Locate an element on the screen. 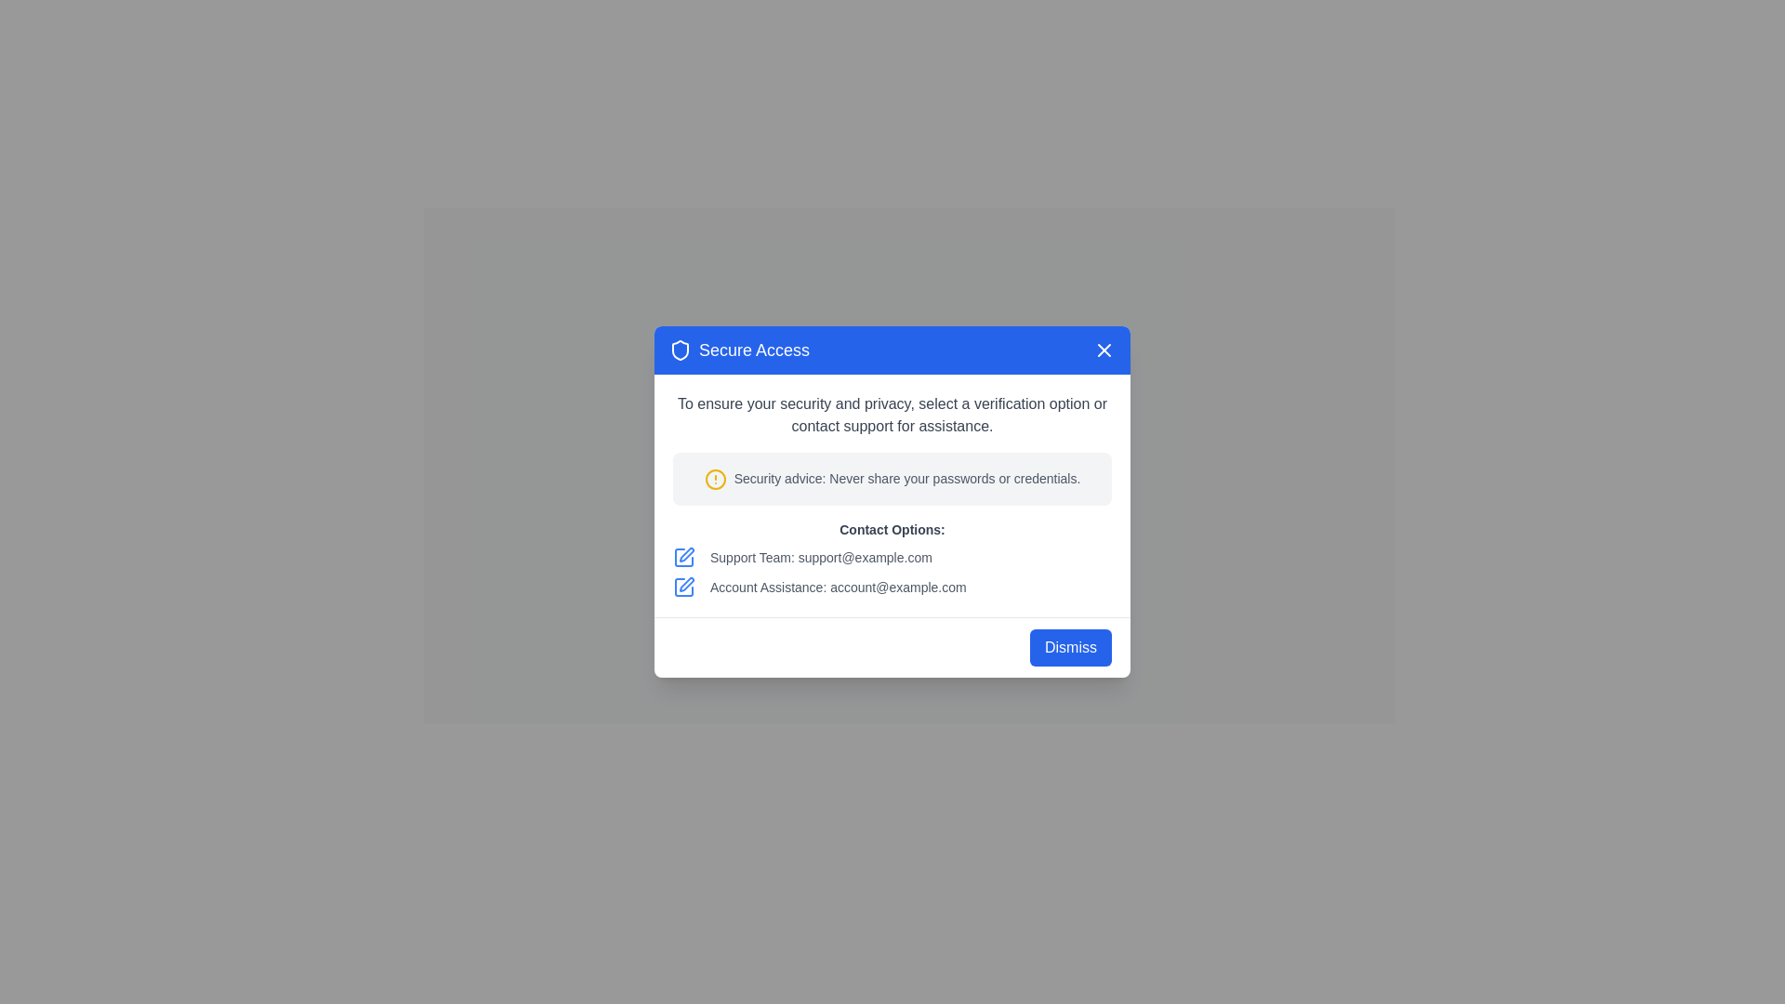  the 'Dismiss' button with a blue background and white text located at the bottom-right corner of the 'Secure Access' dialog is located at coordinates (1071, 645).